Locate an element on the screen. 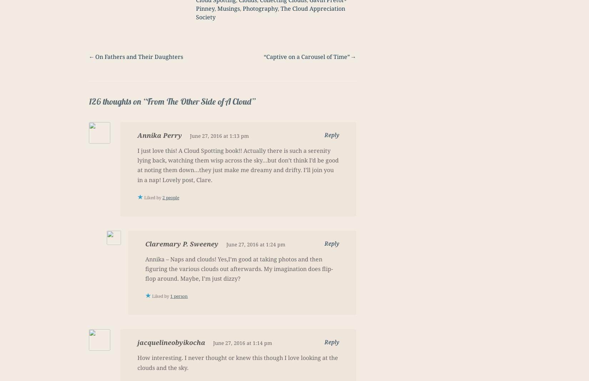  'Annika – Naps and clouds! Yes,I’m good at taking photos and then figuring the various clouds out afterwards. My imagination does flip-flop around. Maybe, I’m just dizzy?' is located at coordinates (239, 268).